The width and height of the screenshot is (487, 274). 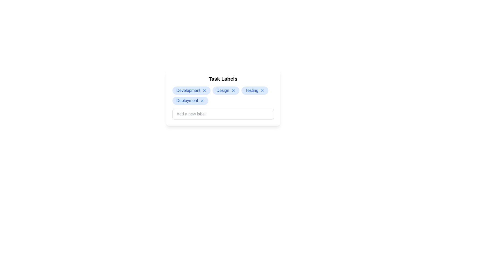 What do you see at coordinates (191, 90) in the screenshot?
I see `the 'Development' removable label to trigger interaction feedback` at bounding box center [191, 90].